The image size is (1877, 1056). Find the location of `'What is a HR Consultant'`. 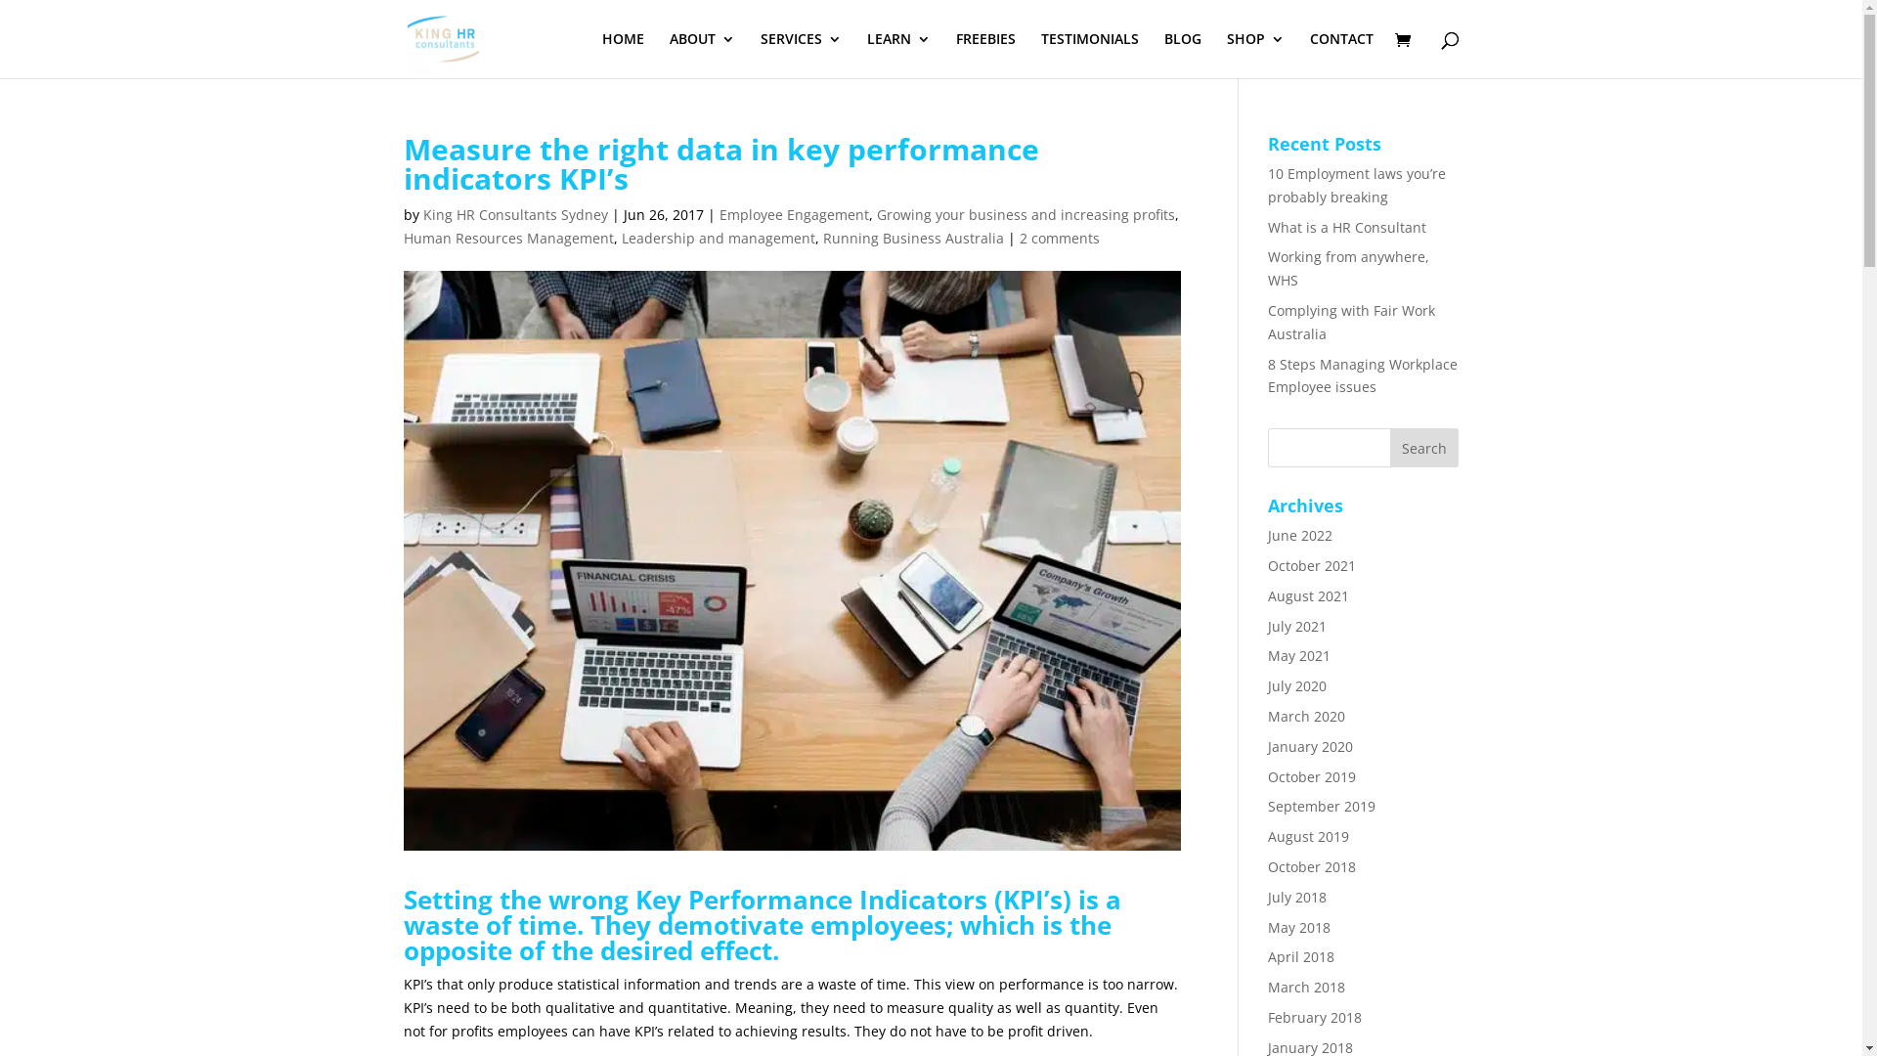

'What is a HR Consultant' is located at coordinates (1345, 226).